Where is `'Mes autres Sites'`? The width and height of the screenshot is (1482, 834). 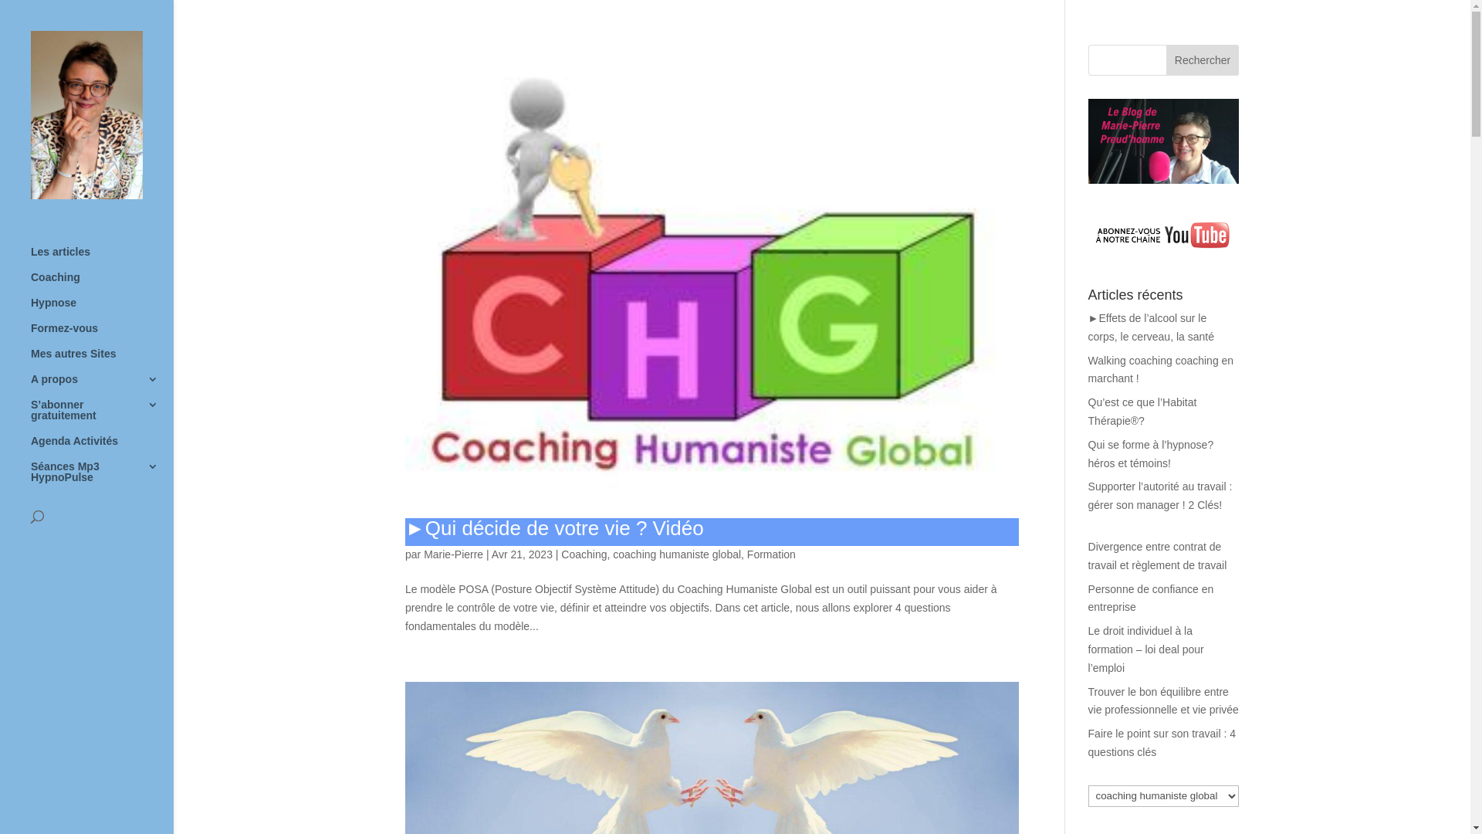
'Mes autres Sites' is located at coordinates (101, 360).